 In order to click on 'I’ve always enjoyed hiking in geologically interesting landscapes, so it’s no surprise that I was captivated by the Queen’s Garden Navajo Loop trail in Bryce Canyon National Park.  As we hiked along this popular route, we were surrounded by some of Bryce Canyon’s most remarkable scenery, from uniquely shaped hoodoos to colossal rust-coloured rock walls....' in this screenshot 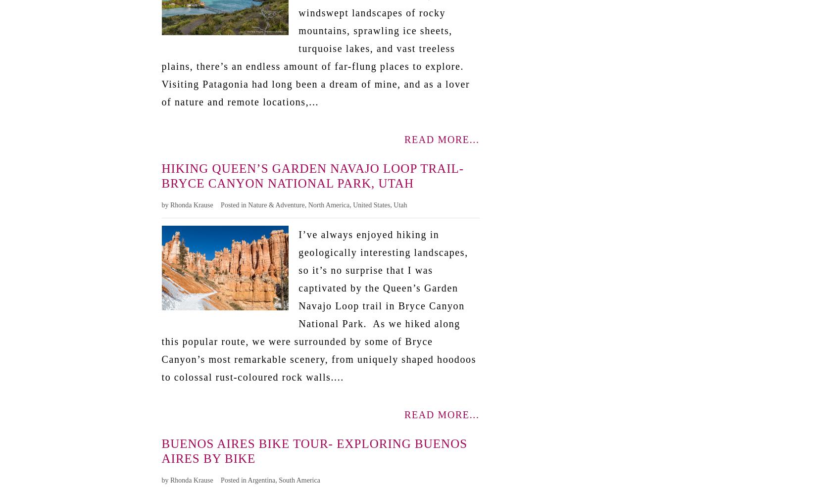, I will do `click(161, 304)`.